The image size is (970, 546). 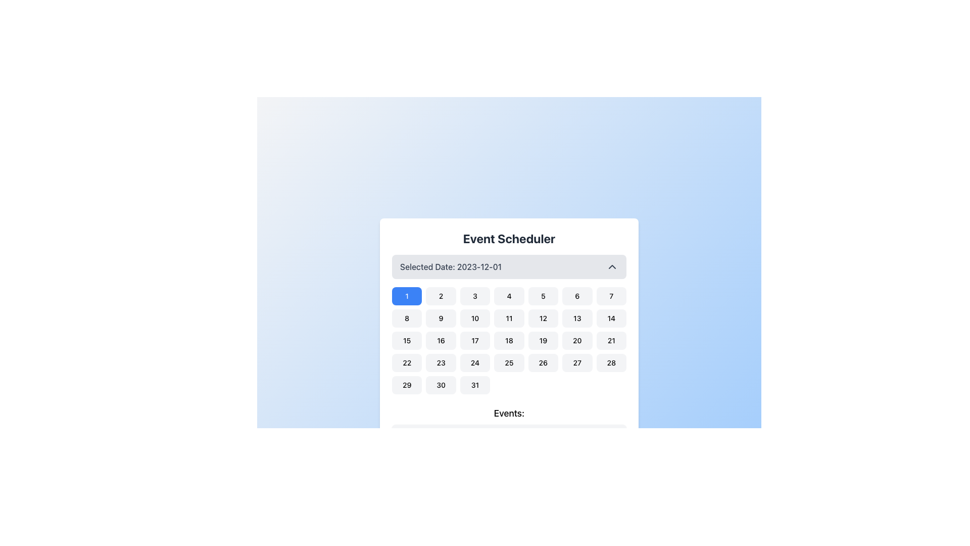 What do you see at coordinates (509, 362) in the screenshot?
I see `the button displaying '25' in bold black font, located in the fourth row and fourth column of the calendar grid` at bounding box center [509, 362].